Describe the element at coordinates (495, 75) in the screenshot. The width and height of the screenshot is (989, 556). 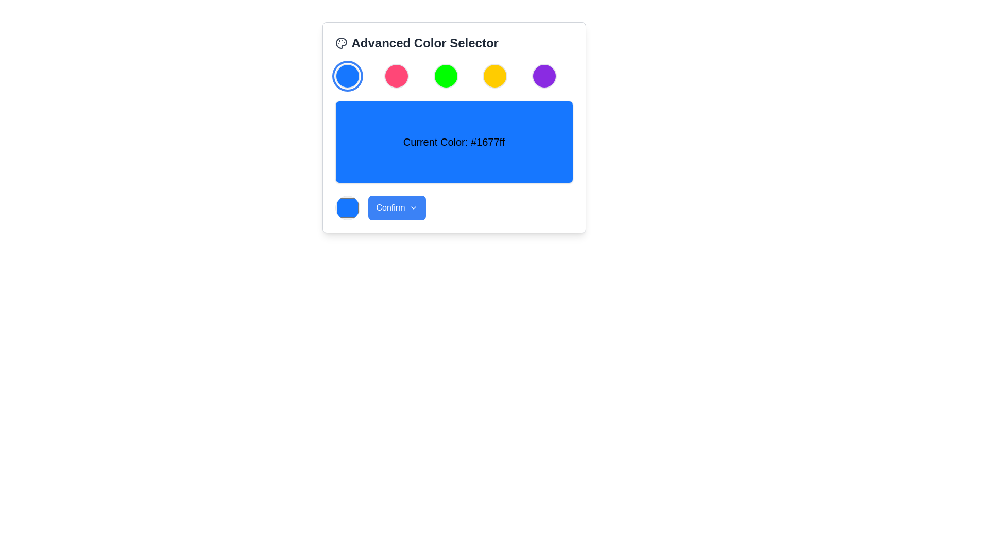
I see `the fourth circular button from the left in a group of five, positioned above the 'Current Color' box, to visualize tooltip or effects` at that location.